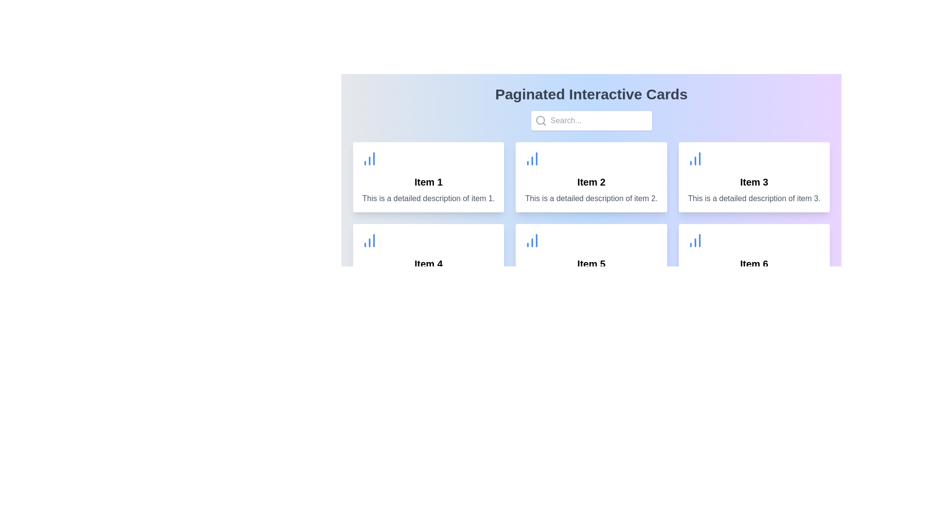  What do you see at coordinates (591, 198) in the screenshot?
I see `the text label that reads 'This is a detailed description of item 2.' which is styled in light gray and is located within the card titled 'Item 2'` at bounding box center [591, 198].